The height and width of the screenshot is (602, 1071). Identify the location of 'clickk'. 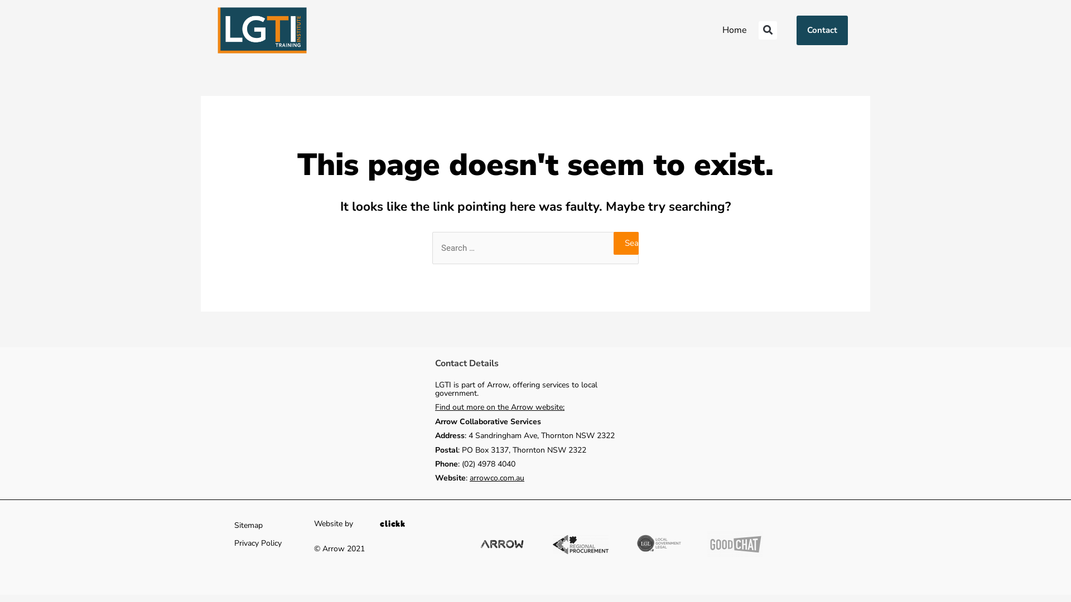
(393, 523).